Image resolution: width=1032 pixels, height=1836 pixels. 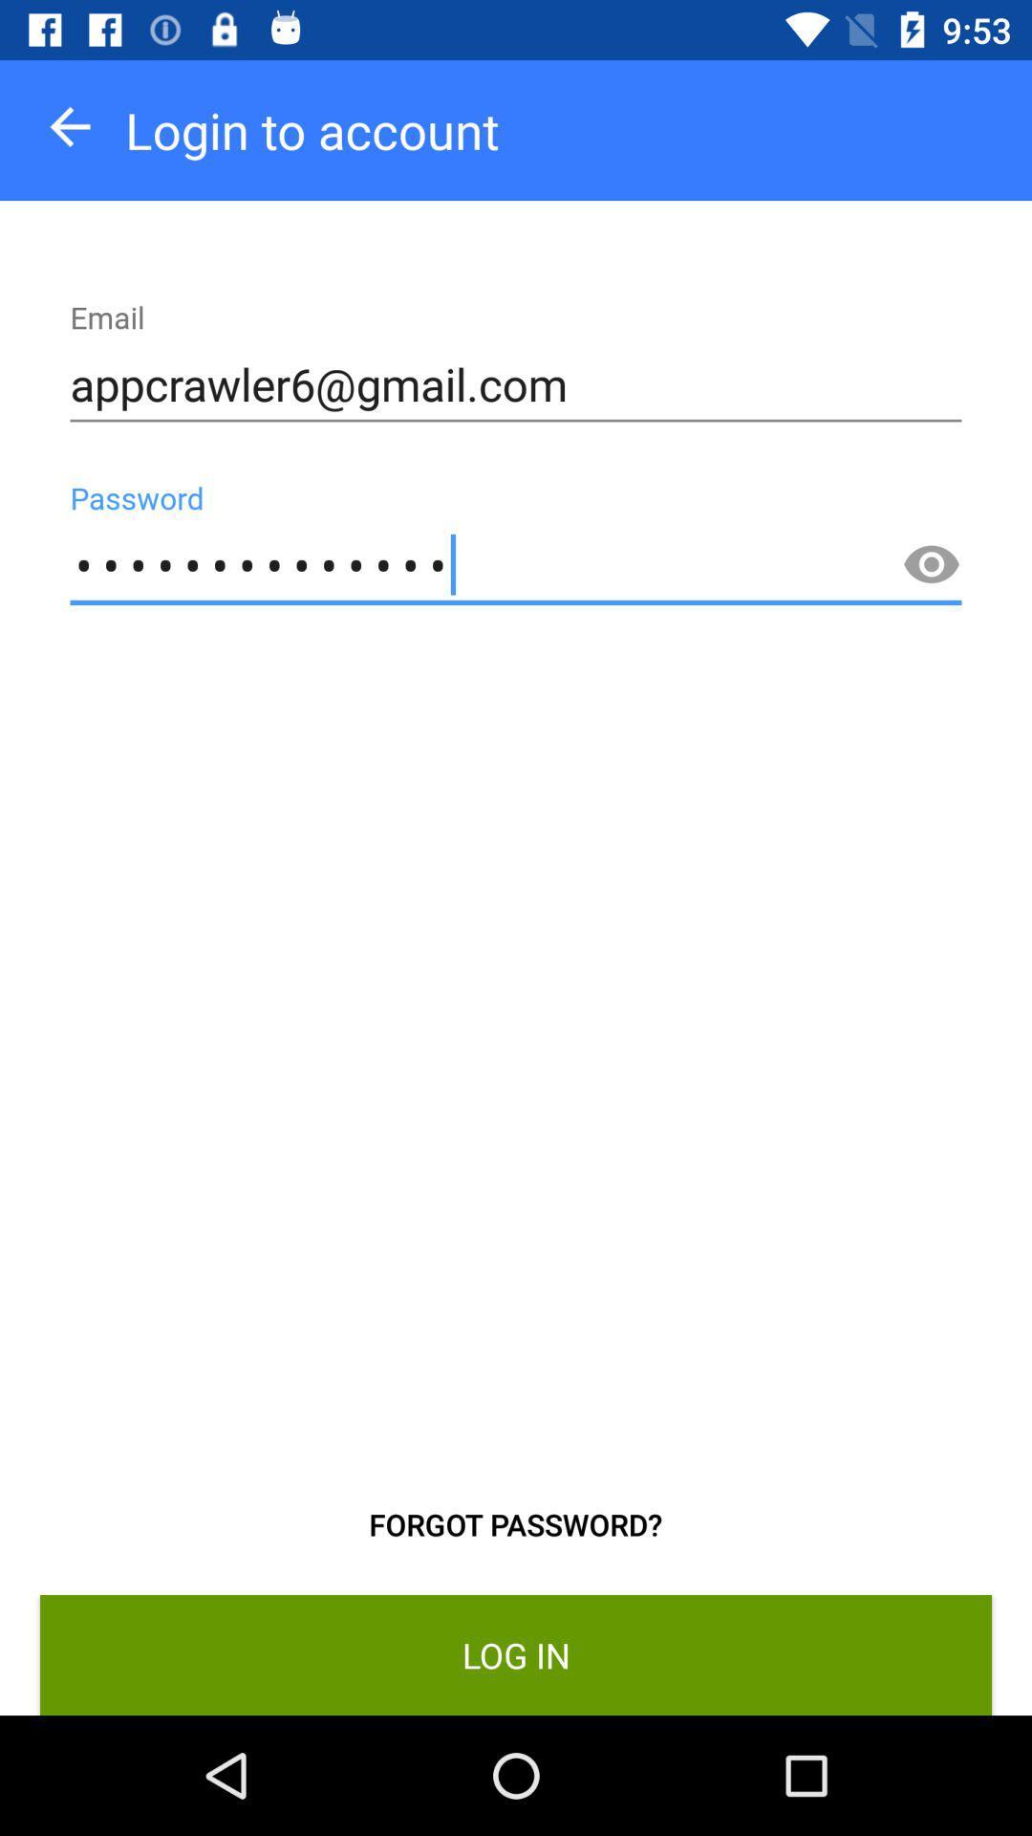 What do you see at coordinates (516, 383) in the screenshot?
I see `the appcrawler6@gmail.com icon` at bounding box center [516, 383].